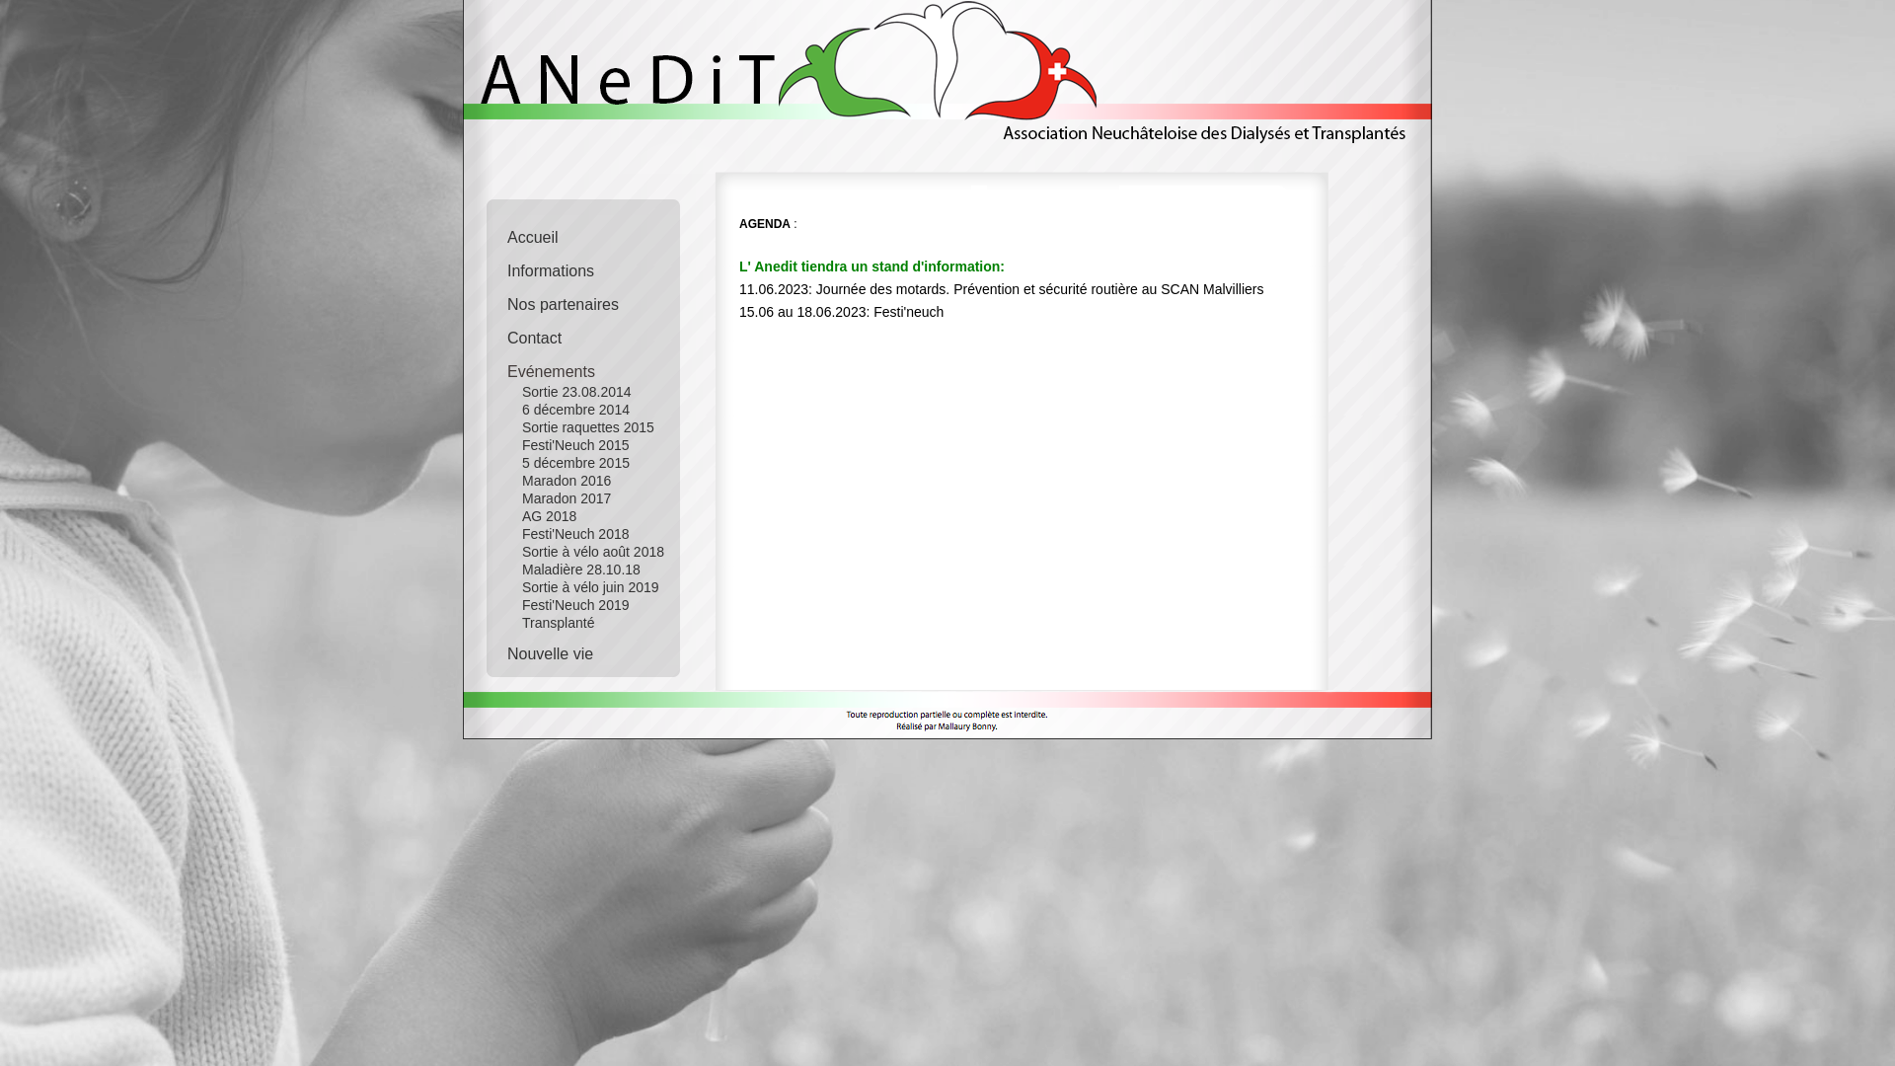 This screenshot has height=1066, width=1895. What do you see at coordinates (580, 480) in the screenshot?
I see `'Maradon 2016'` at bounding box center [580, 480].